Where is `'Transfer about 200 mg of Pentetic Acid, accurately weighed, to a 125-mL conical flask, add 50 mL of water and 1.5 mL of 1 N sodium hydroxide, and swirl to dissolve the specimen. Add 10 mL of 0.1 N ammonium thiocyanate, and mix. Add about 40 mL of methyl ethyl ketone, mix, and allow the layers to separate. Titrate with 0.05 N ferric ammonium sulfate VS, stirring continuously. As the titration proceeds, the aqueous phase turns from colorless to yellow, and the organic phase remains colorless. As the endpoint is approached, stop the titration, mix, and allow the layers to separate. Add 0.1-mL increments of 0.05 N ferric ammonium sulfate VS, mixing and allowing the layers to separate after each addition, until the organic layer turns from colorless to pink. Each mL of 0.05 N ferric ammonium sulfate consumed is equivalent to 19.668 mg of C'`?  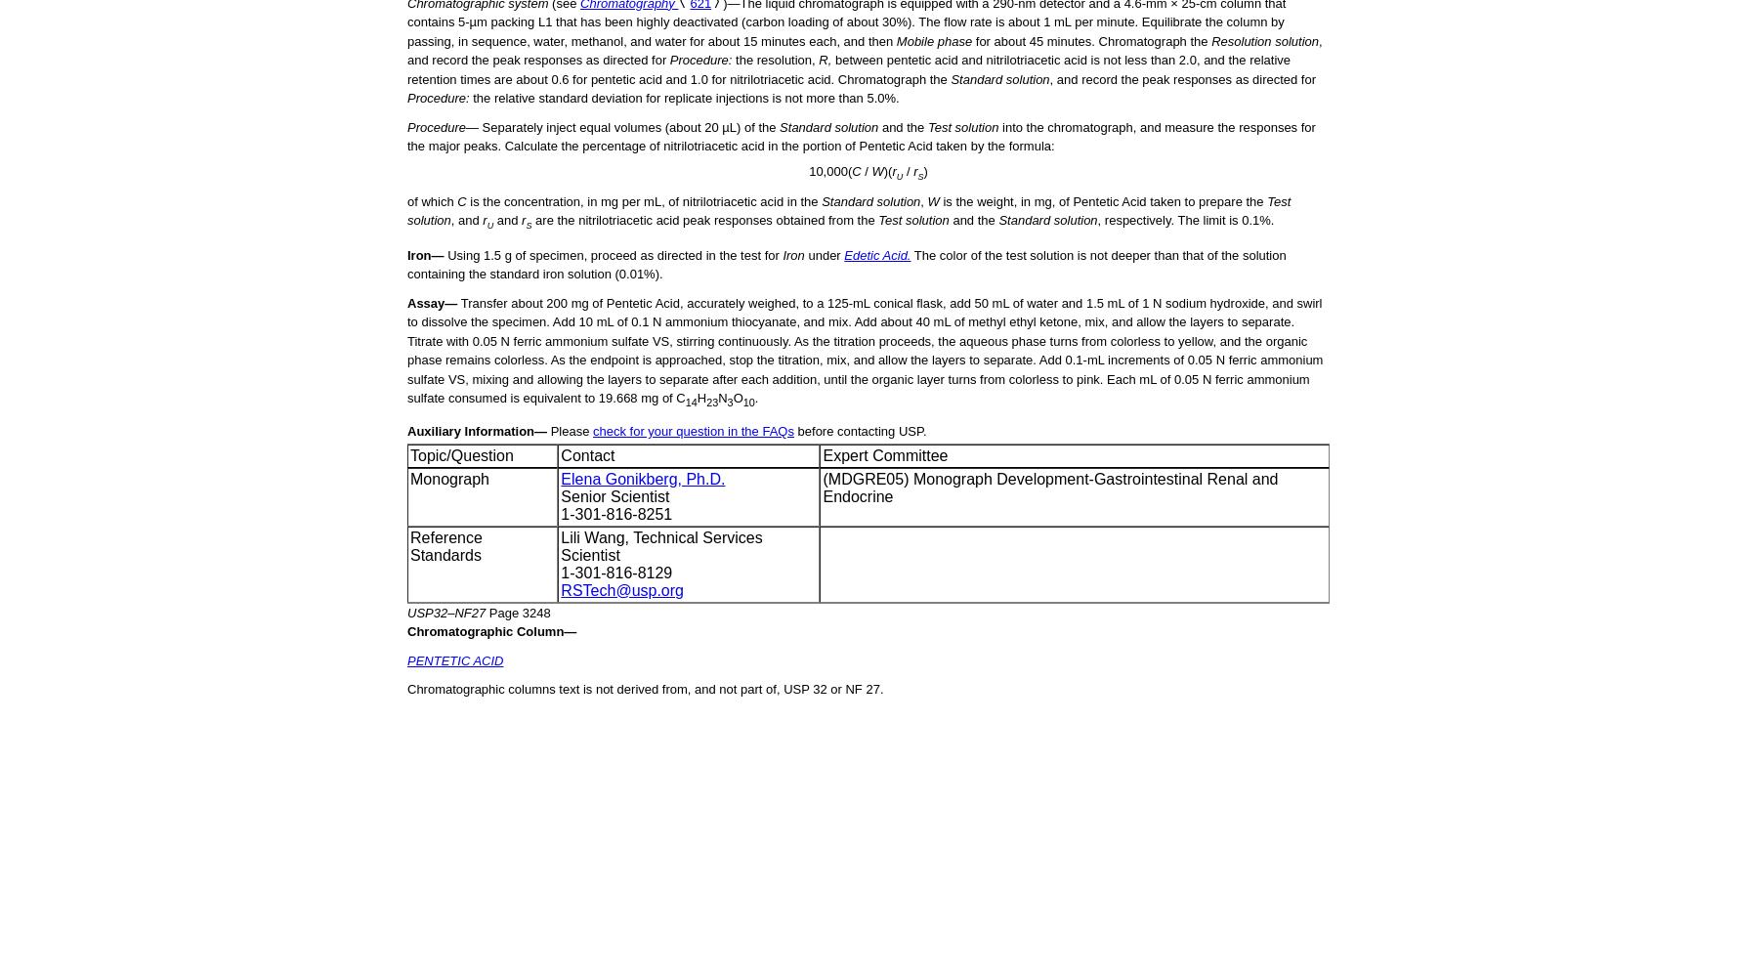 'Transfer about 200 mg of Pentetic Acid, accurately weighed, to a 125-mL conical flask, add 50 mL of water and 1.5 mL of 1 N sodium hydroxide, and swirl to dissolve the specimen. Add 10 mL of 0.1 N ammonium thiocyanate, and mix. Add about 40 mL of methyl ethyl ketone, mix, and allow the layers to separate. Titrate with 0.05 N ferric ammonium sulfate VS, stirring continuously. As the titration proceeds, the aqueous phase turns from colorless to yellow, and the organic phase remains colorless. As the endpoint is approached, stop the titration, mix, and allow the layers to separate. Add 0.1-mL increments of 0.05 N ferric ammonium sulfate VS, mixing and allowing the layers to separate after each addition, until the organic layer turns from colorless to pink. Each mL of 0.05 N ferric ammonium sulfate consumed is equivalent to 19.668 mg of C' is located at coordinates (864, 349).